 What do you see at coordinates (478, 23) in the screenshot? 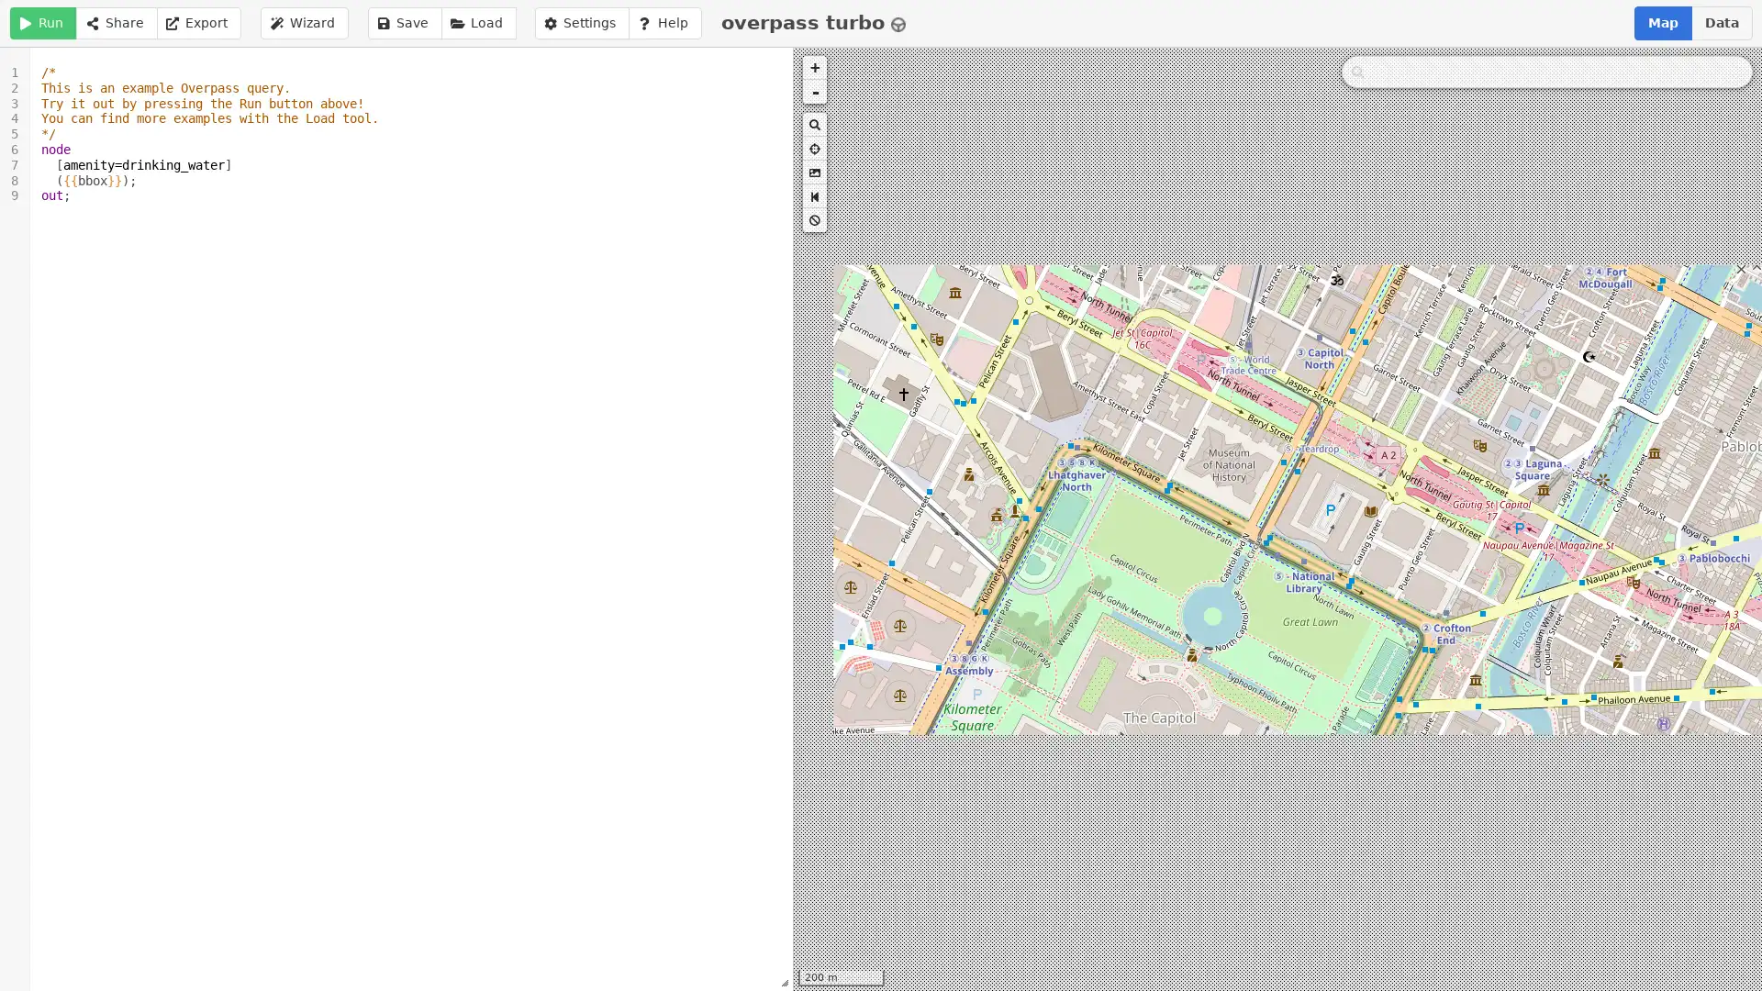
I see `Load` at bounding box center [478, 23].